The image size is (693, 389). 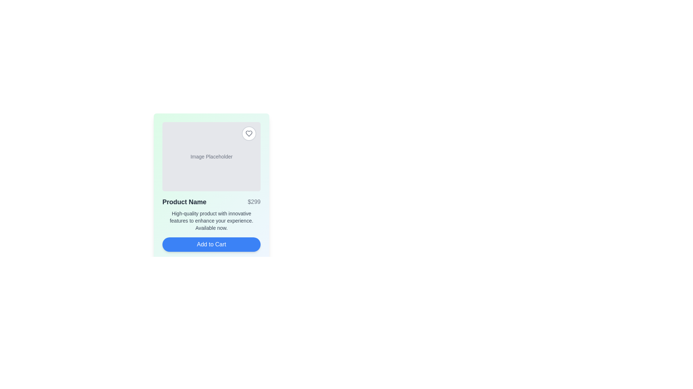 What do you see at coordinates (249, 133) in the screenshot?
I see `the button located at the top-right corner of the 'Image Placeholder' component` at bounding box center [249, 133].